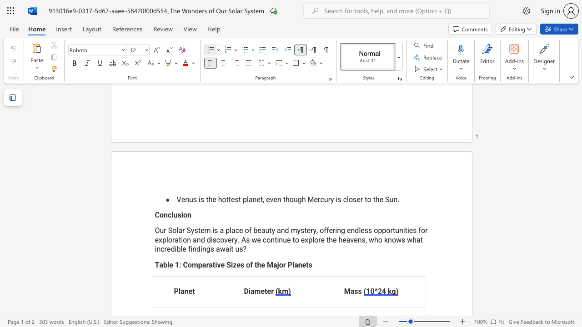  I want to click on the 2th character "n" in the text, so click(189, 215).